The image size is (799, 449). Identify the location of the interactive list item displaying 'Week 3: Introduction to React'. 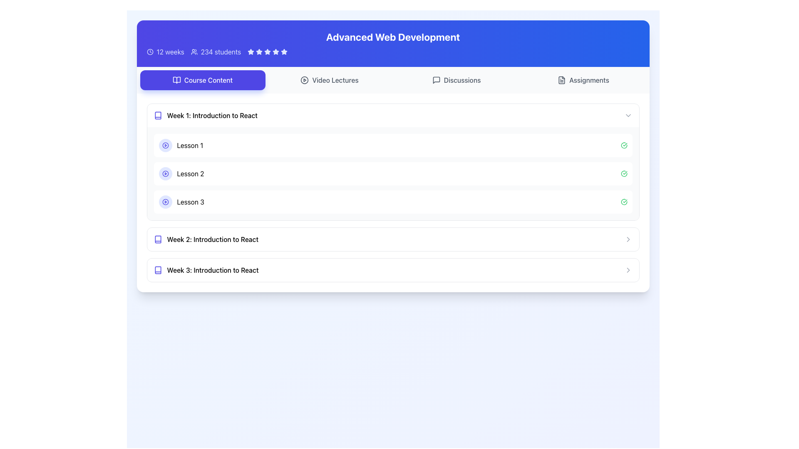
(392, 270).